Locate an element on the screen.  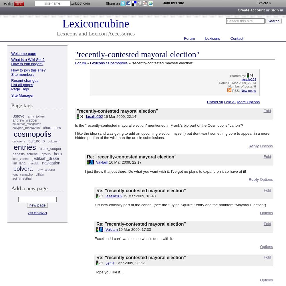
'Forum' is located at coordinates (80, 62).